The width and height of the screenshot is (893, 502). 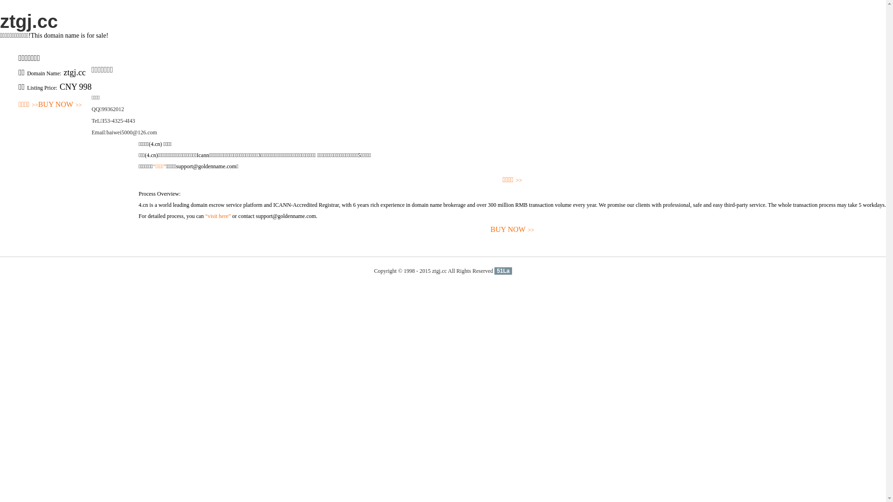 I want to click on 'BUY NOW>>', so click(x=512, y=230).